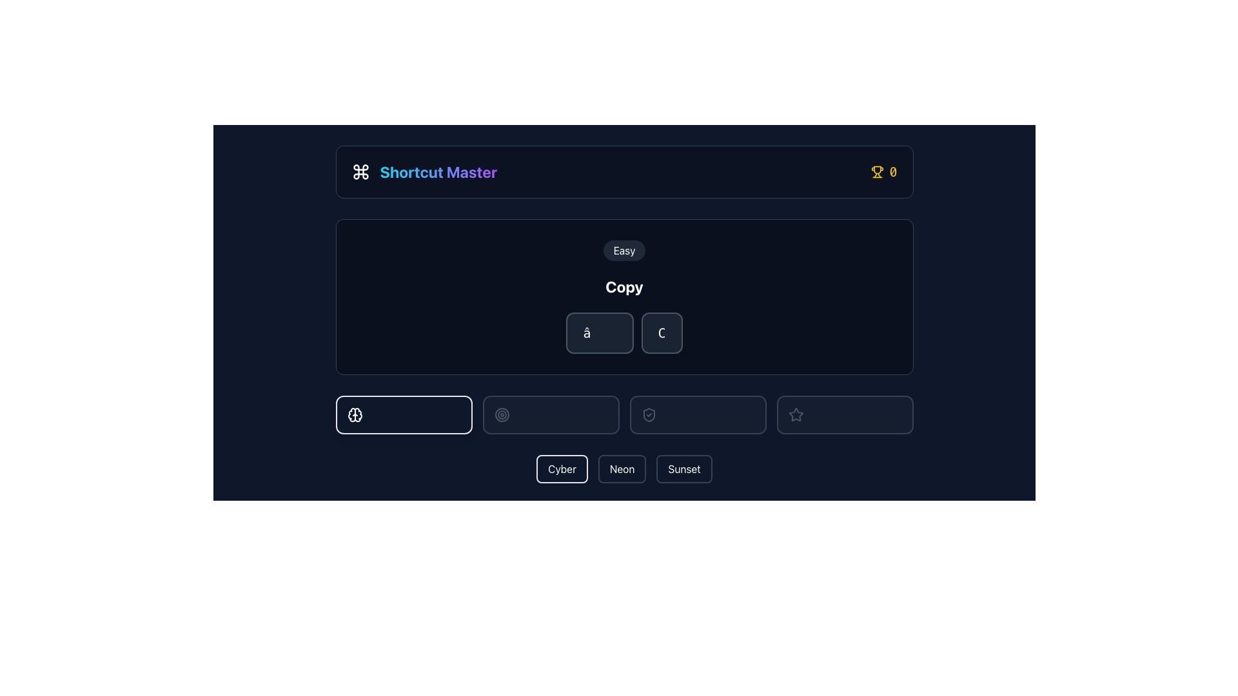 The height and width of the screenshot is (696, 1238). Describe the element at coordinates (360, 171) in the screenshot. I see `the cyan command key icon with a rounded corner design, located to the left of the text 'Shortcut Master' near the header` at that location.